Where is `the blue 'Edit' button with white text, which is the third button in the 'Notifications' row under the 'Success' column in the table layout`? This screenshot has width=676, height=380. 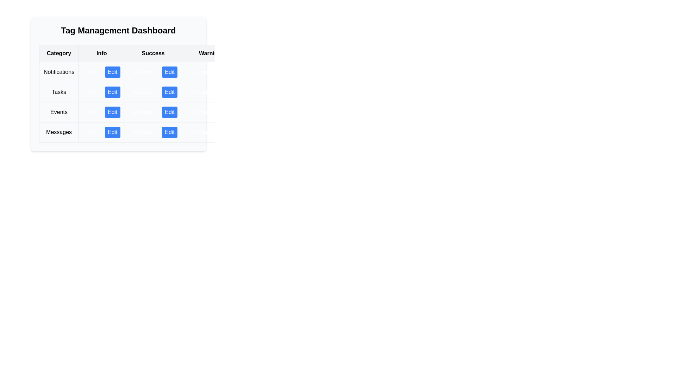
the blue 'Edit' button with white text, which is the third button in the 'Notifications' row under the 'Success' column in the table layout is located at coordinates (163, 72).